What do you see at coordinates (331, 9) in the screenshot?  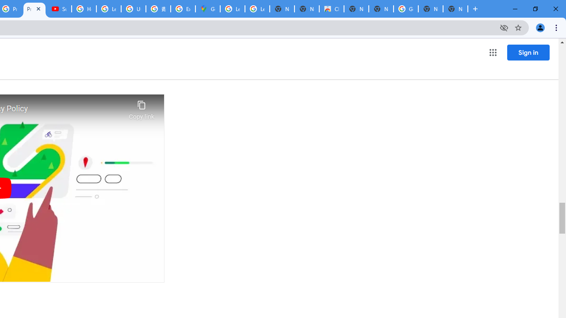 I see `'Chrome Web Store'` at bounding box center [331, 9].